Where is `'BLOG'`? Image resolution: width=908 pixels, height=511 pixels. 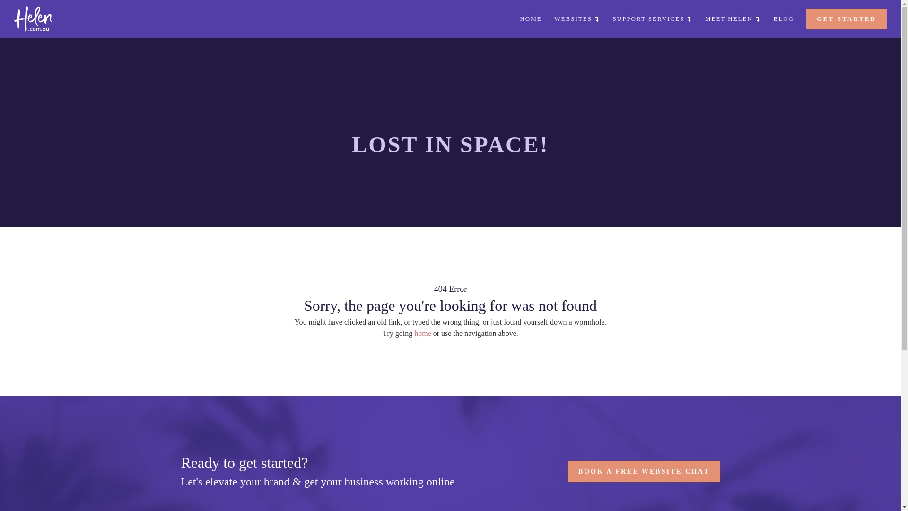
'BLOG' is located at coordinates (783, 18).